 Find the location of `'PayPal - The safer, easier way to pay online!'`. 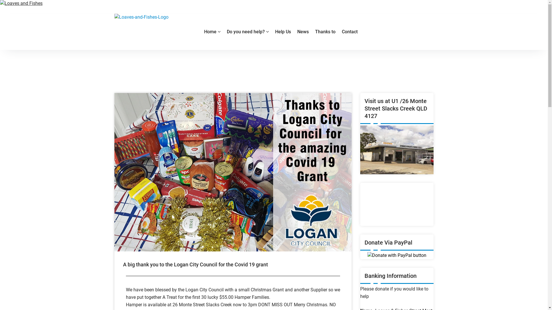

'PayPal - The safer, easier way to pay online!' is located at coordinates (396, 255).